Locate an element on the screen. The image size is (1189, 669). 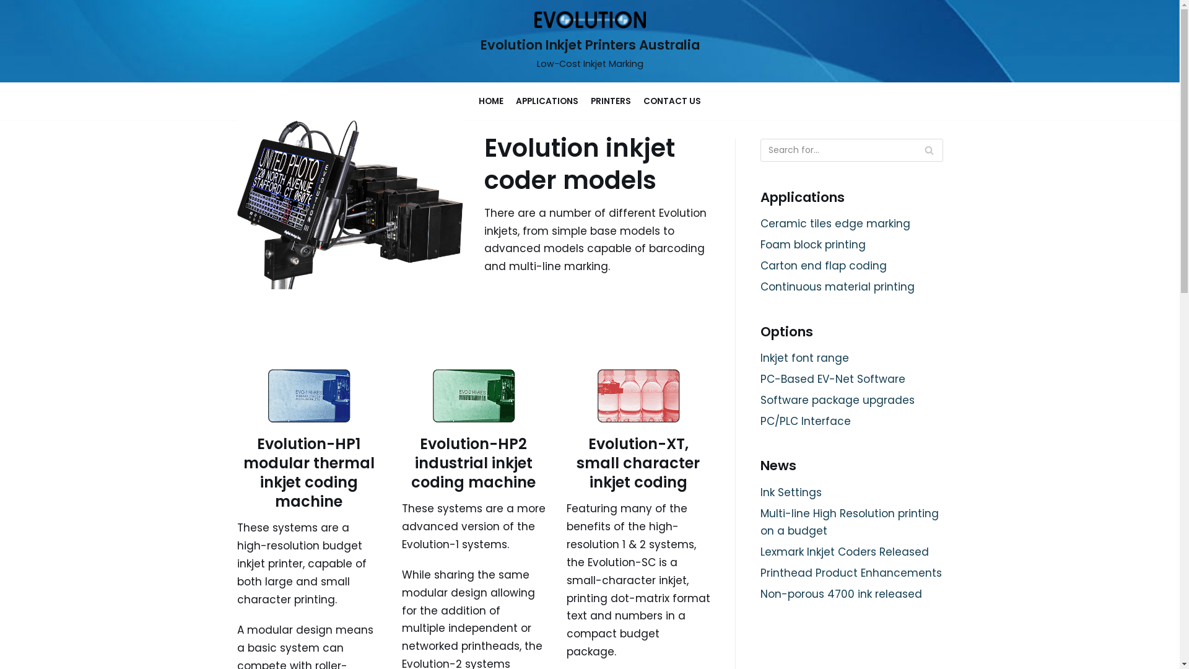
'Printhead Product Enhancements' is located at coordinates (850, 573).